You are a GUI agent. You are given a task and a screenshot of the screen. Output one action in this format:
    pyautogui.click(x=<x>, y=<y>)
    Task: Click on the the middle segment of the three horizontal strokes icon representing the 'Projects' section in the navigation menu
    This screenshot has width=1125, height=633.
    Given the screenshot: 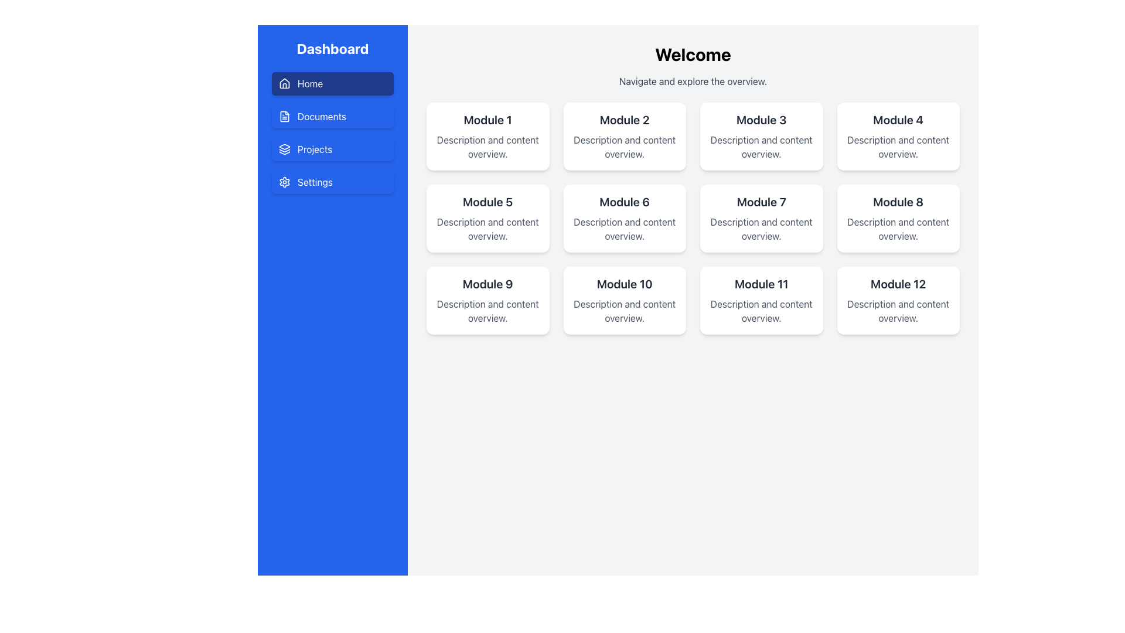 What is the action you would take?
    pyautogui.click(x=284, y=150)
    